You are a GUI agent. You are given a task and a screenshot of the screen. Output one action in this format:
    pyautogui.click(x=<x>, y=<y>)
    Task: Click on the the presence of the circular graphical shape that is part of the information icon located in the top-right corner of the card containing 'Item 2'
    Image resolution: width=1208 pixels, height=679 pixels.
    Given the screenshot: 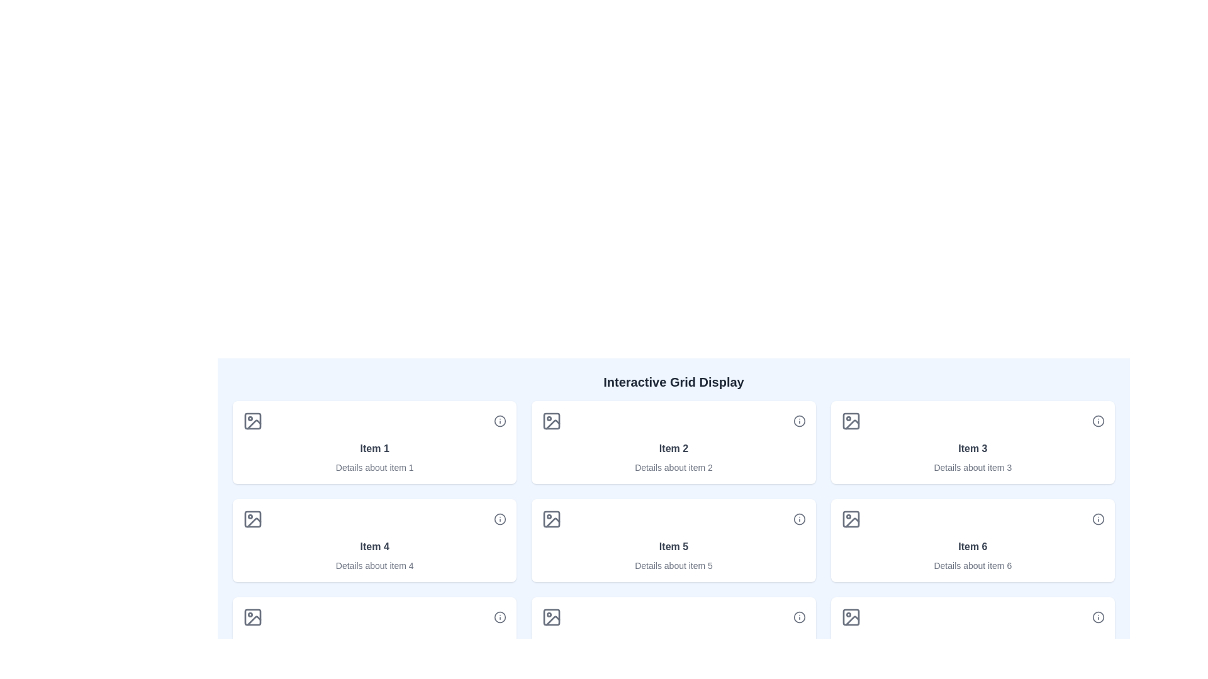 What is the action you would take?
    pyautogui.click(x=798, y=421)
    